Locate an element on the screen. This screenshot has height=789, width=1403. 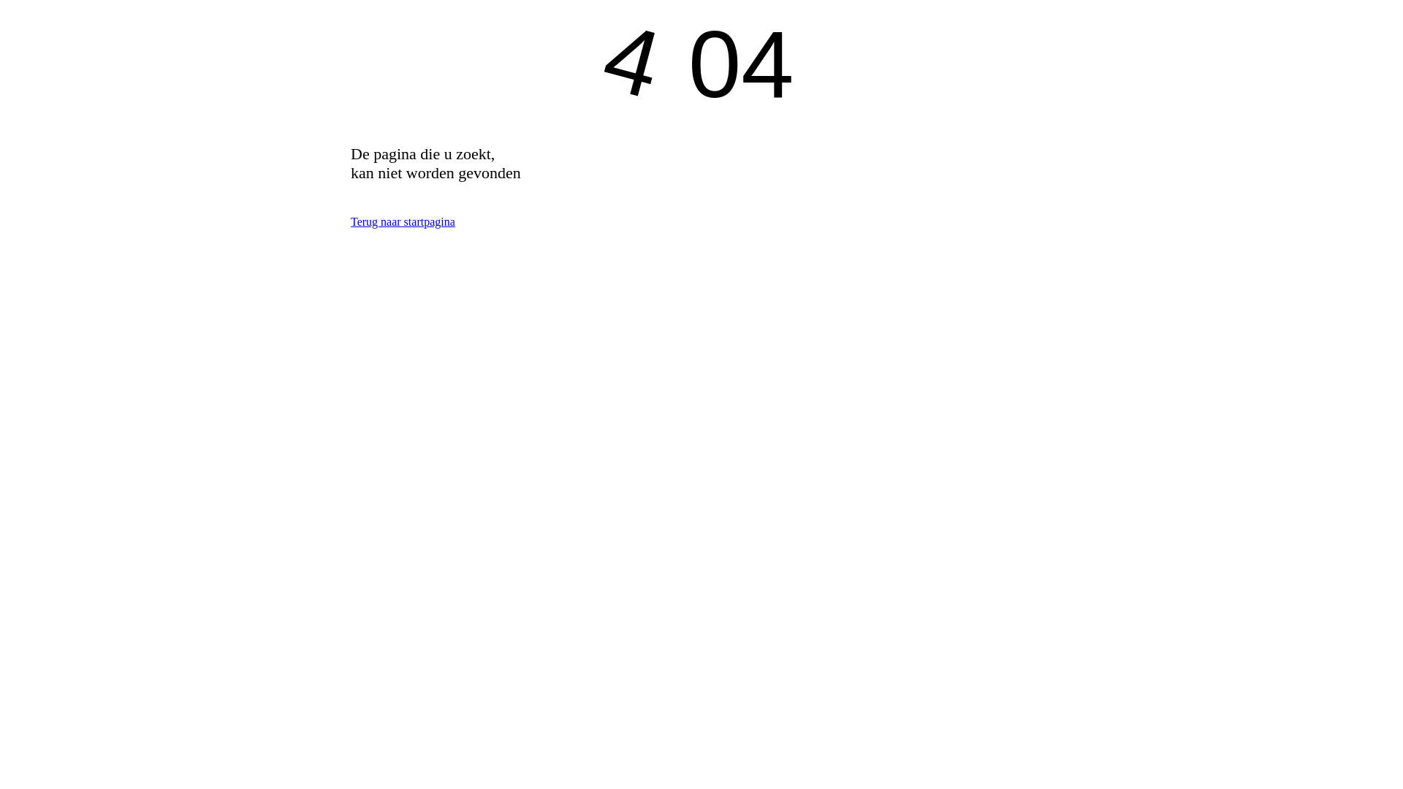
'Terug naar startpagina' is located at coordinates (351, 221).